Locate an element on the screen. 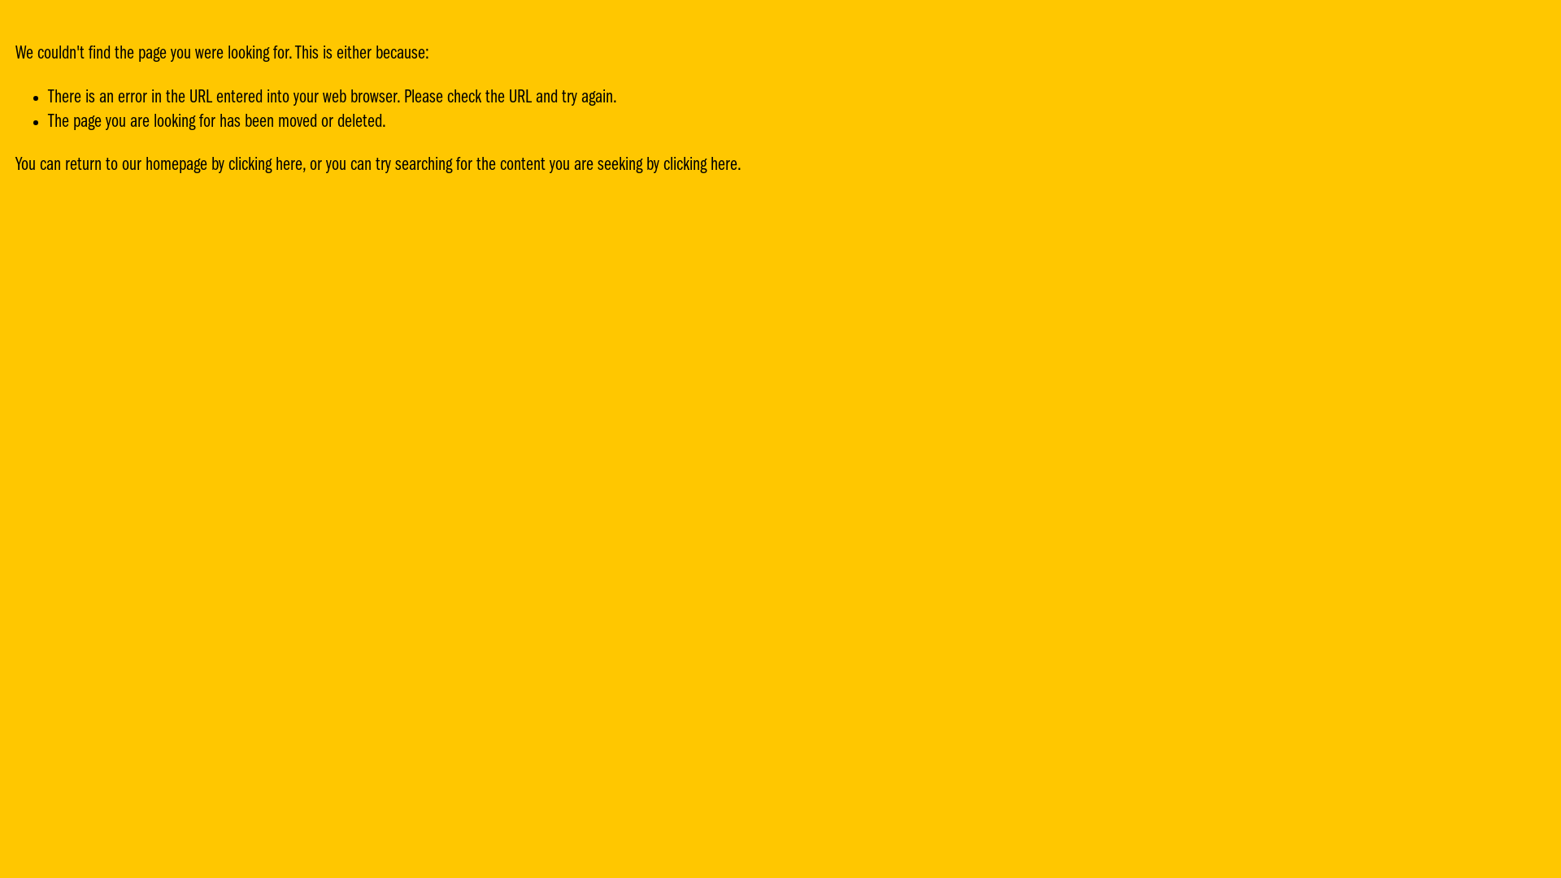 The image size is (1561, 878). 'clicking here' is located at coordinates (663, 165).